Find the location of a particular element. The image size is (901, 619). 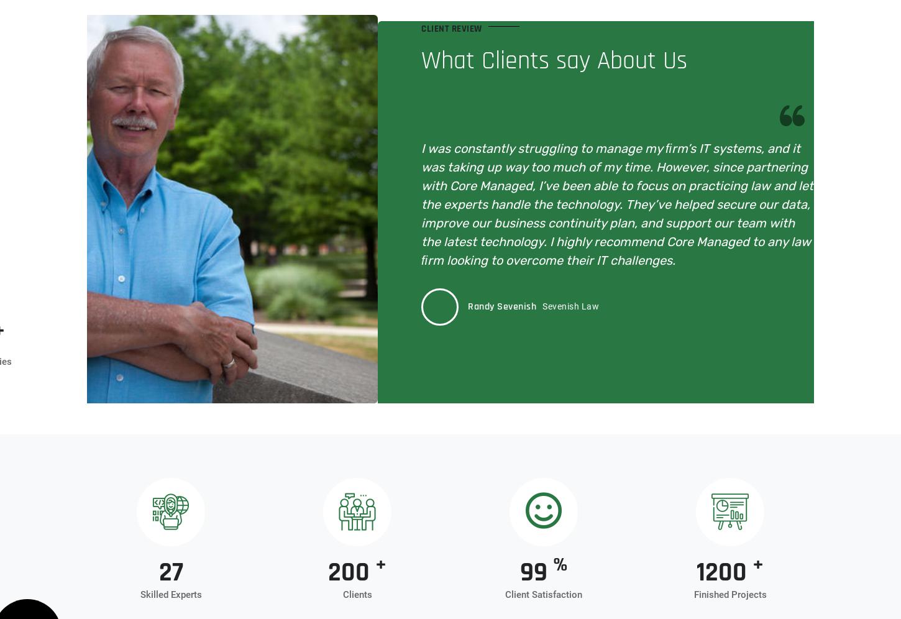

'200' is located at coordinates (351, 572).